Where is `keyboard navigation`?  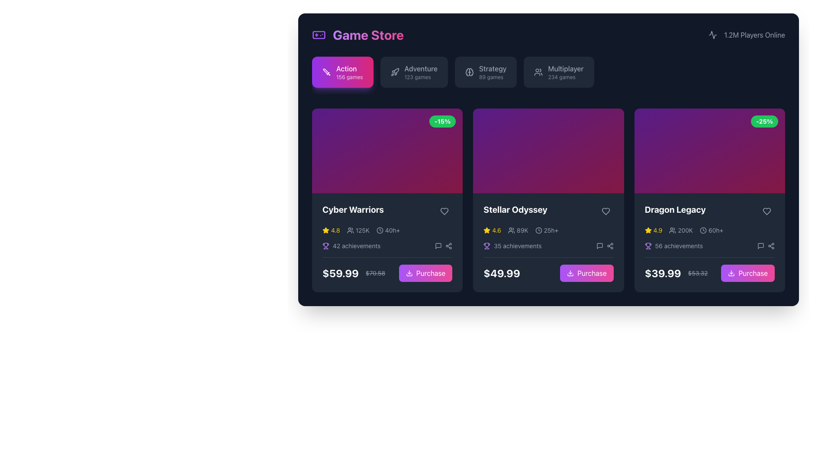 keyboard navigation is located at coordinates (444, 211).